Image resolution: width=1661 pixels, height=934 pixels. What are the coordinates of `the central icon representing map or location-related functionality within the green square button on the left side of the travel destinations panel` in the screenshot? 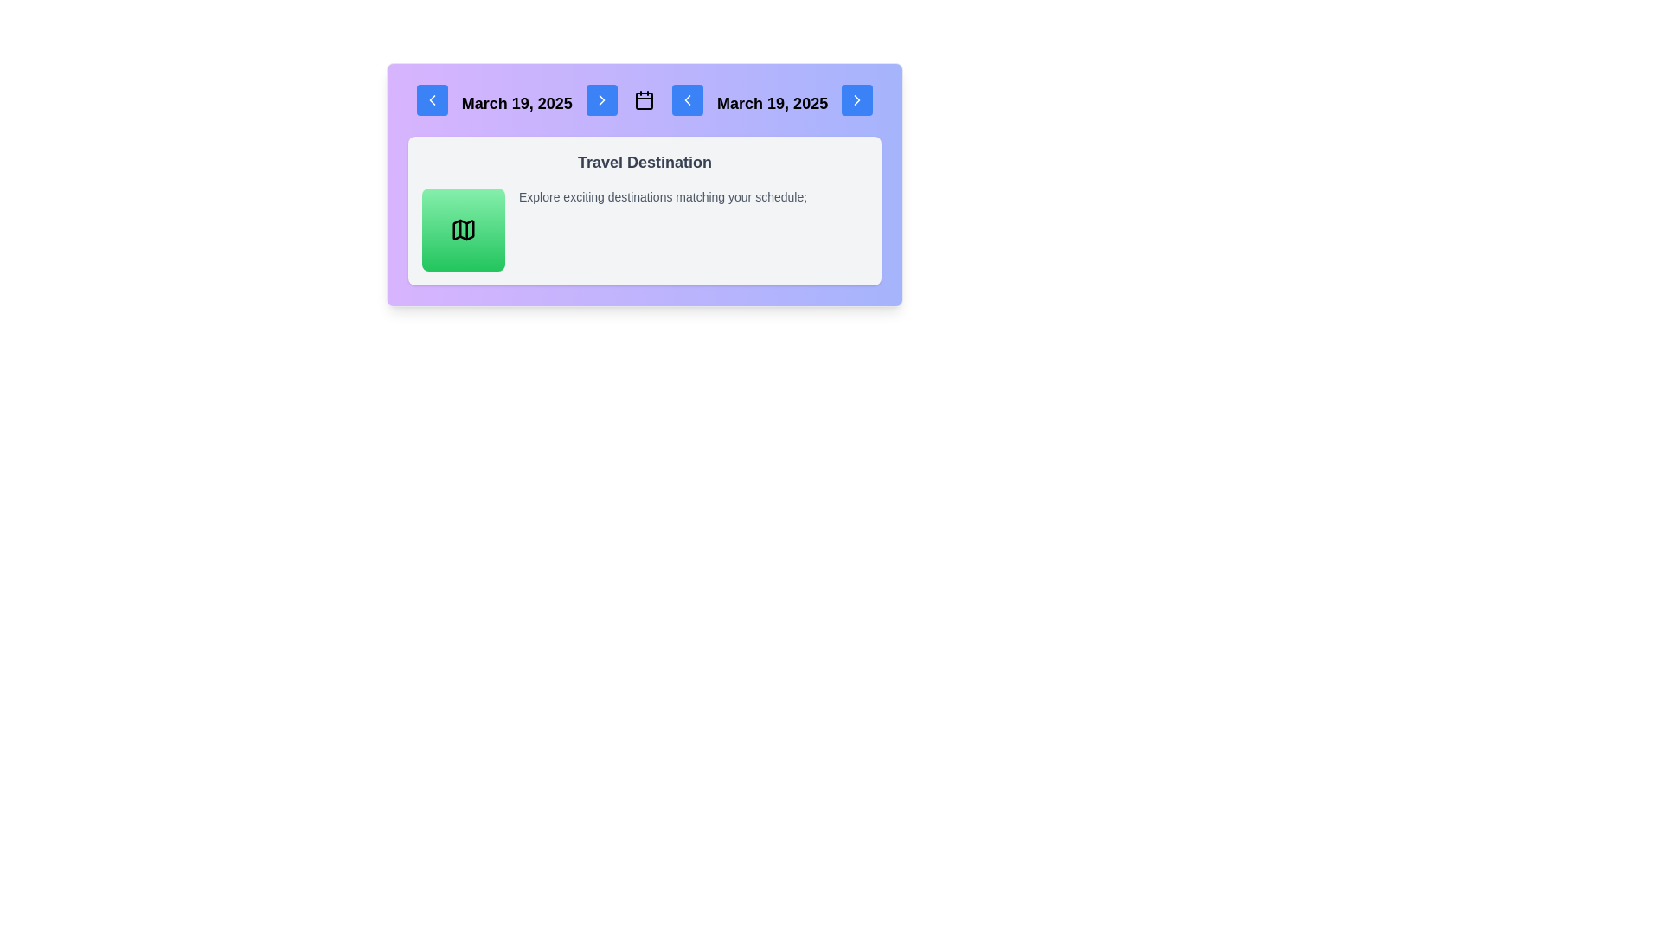 It's located at (464, 229).